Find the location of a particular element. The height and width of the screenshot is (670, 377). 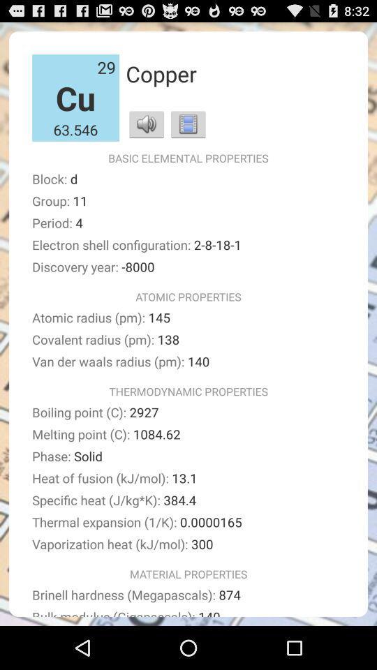

volume symbol is located at coordinates (146, 123).